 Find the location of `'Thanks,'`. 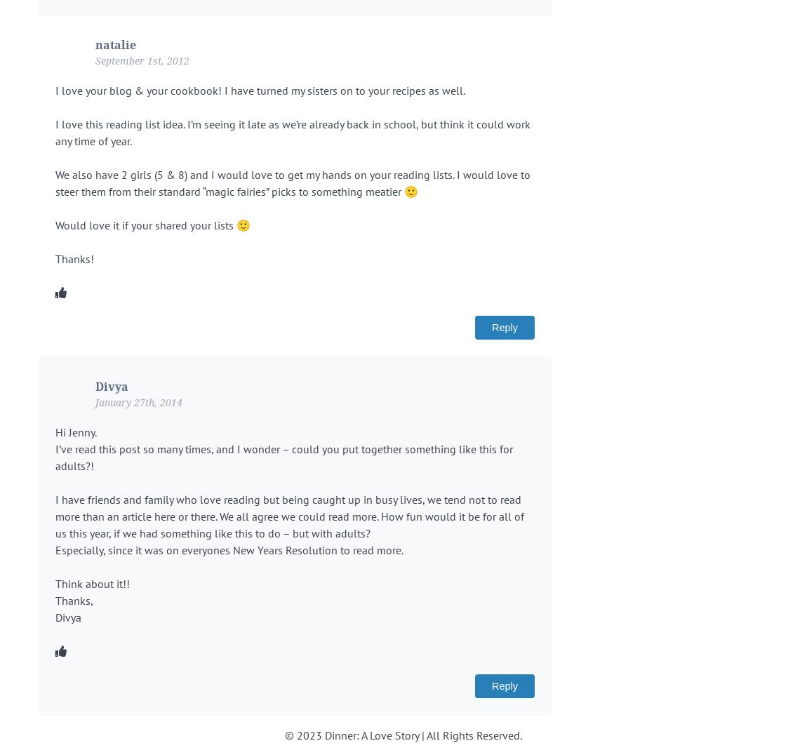

'Thanks,' is located at coordinates (74, 600).